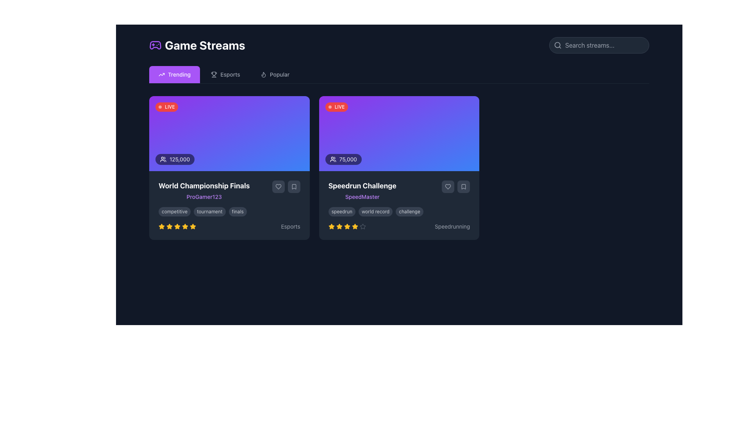 This screenshot has width=750, height=422. I want to click on the bookmark/save icon located in the bottom right area of the 'Speedrun Challenge' card, so click(464, 187).